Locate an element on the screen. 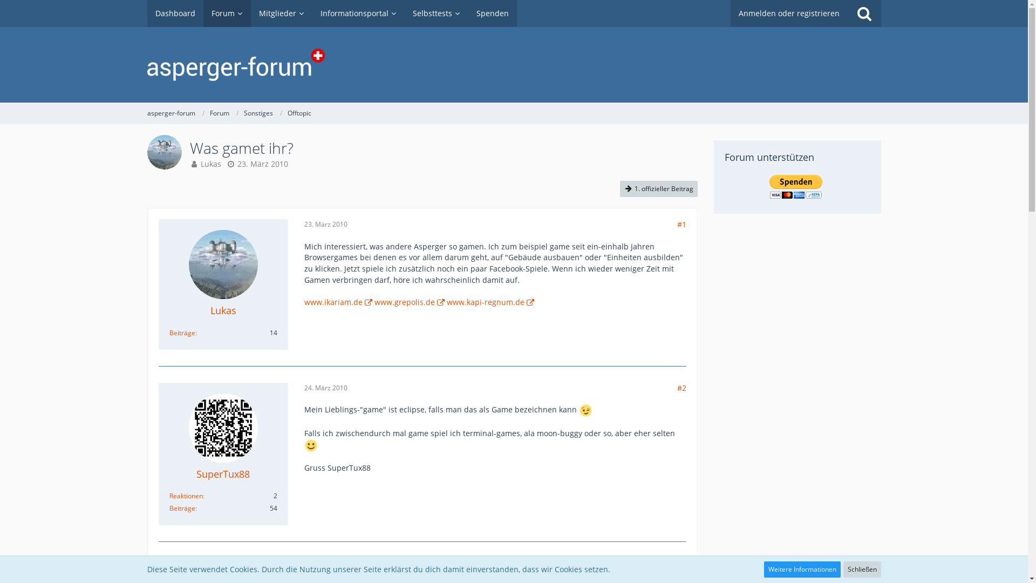 Image resolution: width=1036 pixels, height=583 pixels. 'Forum' is located at coordinates (226, 13).